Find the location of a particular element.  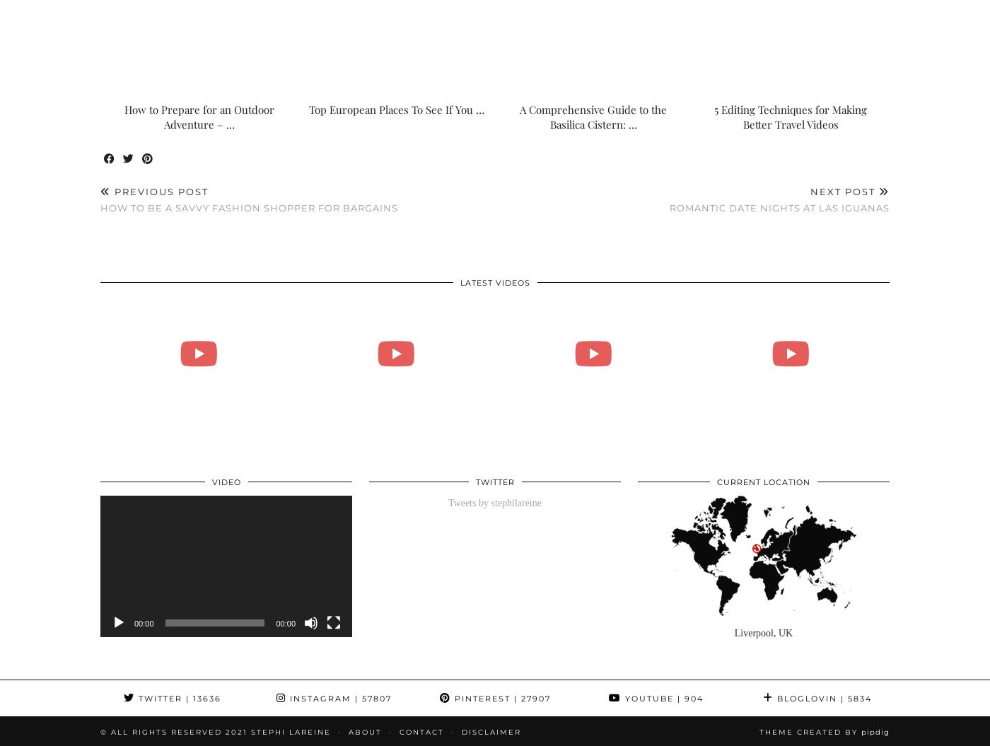

'Liverpool, UK' is located at coordinates (763, 631).